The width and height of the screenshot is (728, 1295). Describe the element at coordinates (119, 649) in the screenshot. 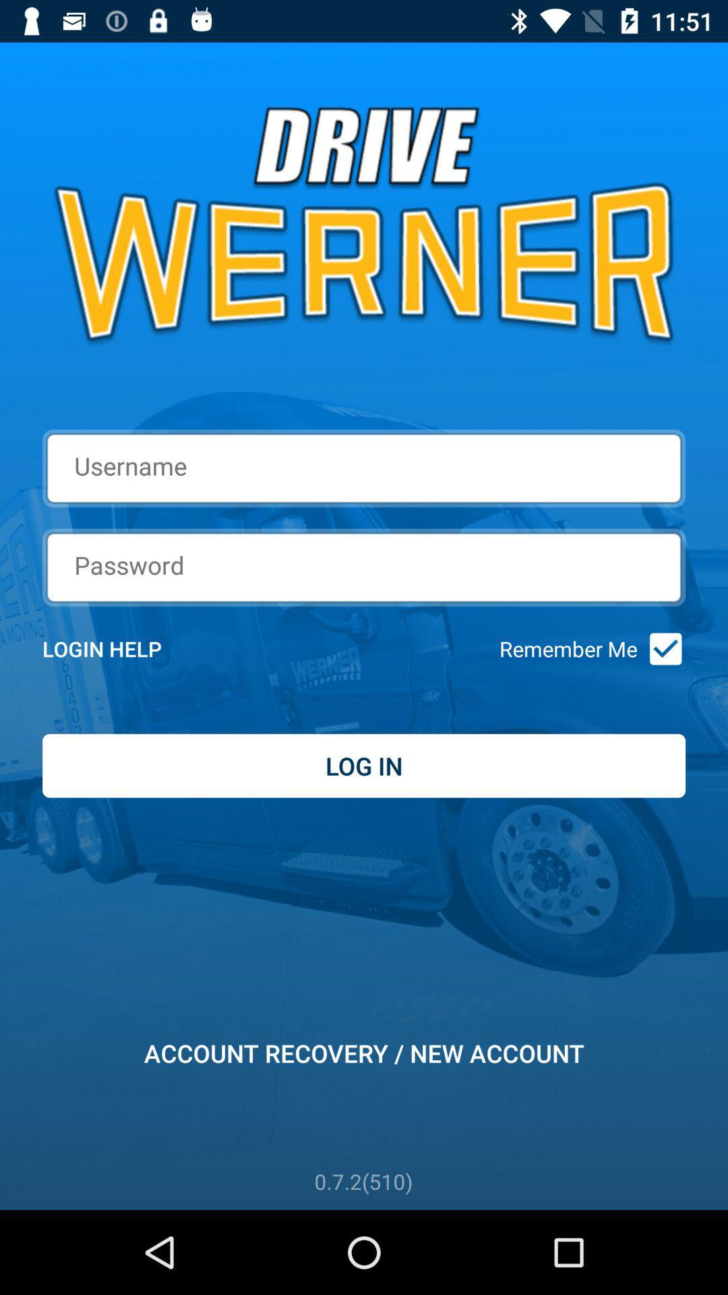

I see `item to the left of remember me item` at that location.